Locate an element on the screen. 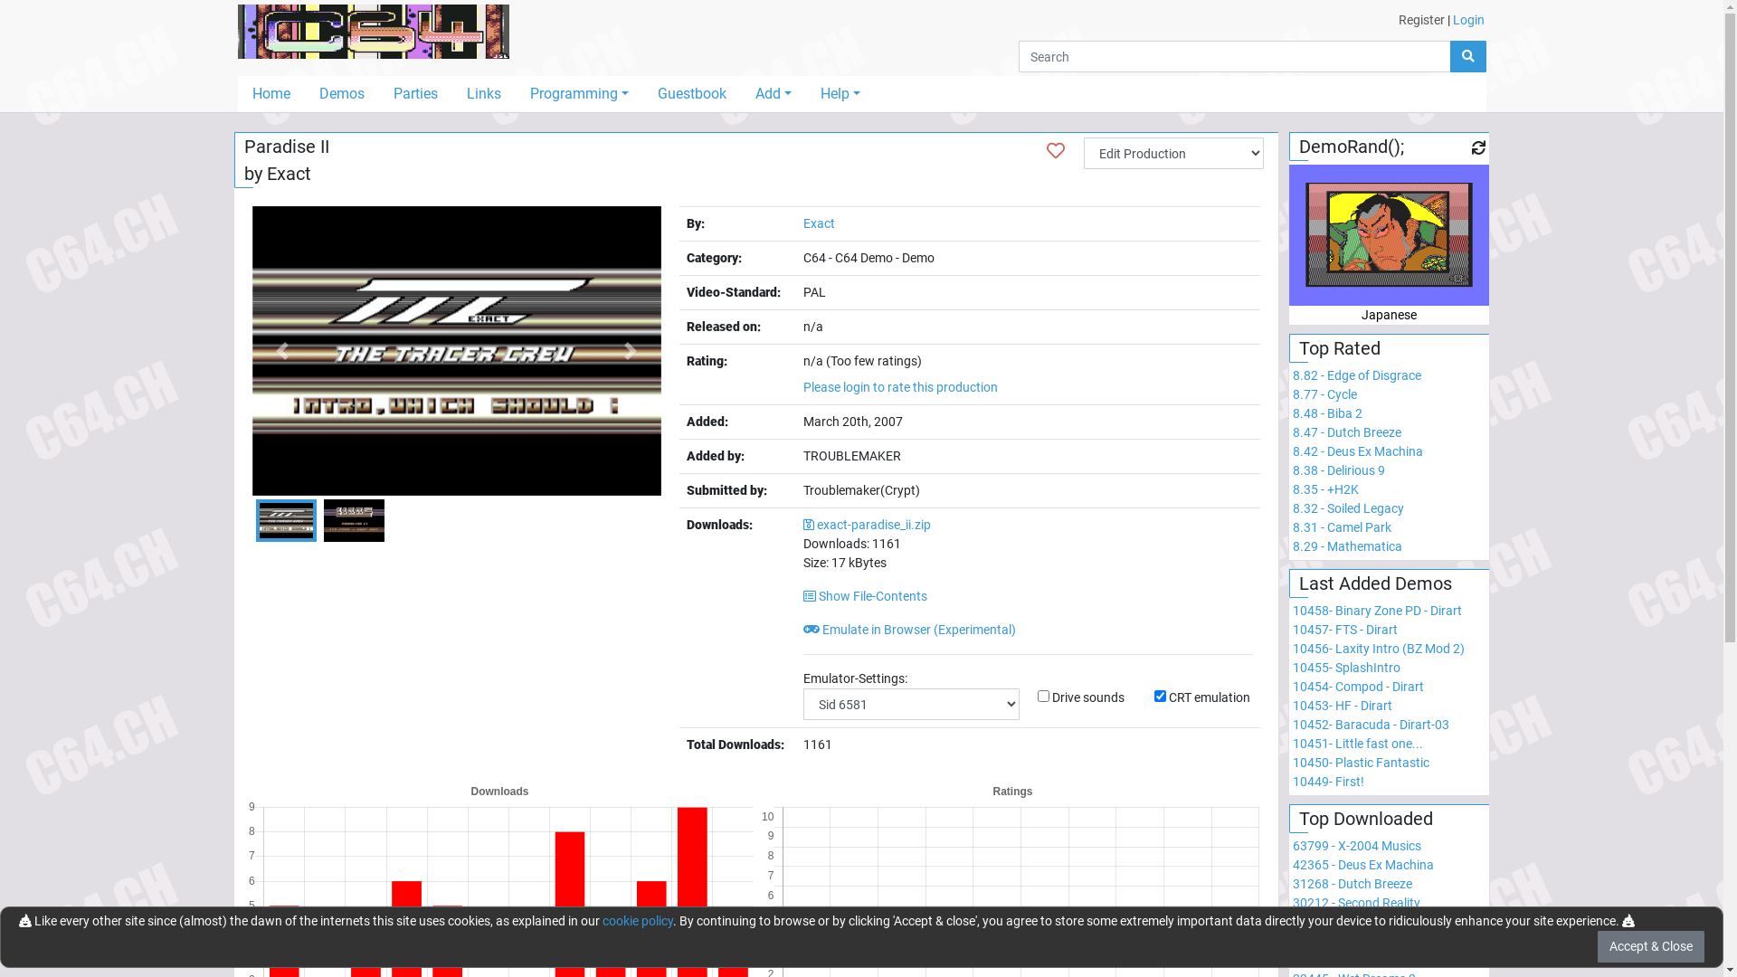  'Add to favorites' is located at coordinates (1046, 149).